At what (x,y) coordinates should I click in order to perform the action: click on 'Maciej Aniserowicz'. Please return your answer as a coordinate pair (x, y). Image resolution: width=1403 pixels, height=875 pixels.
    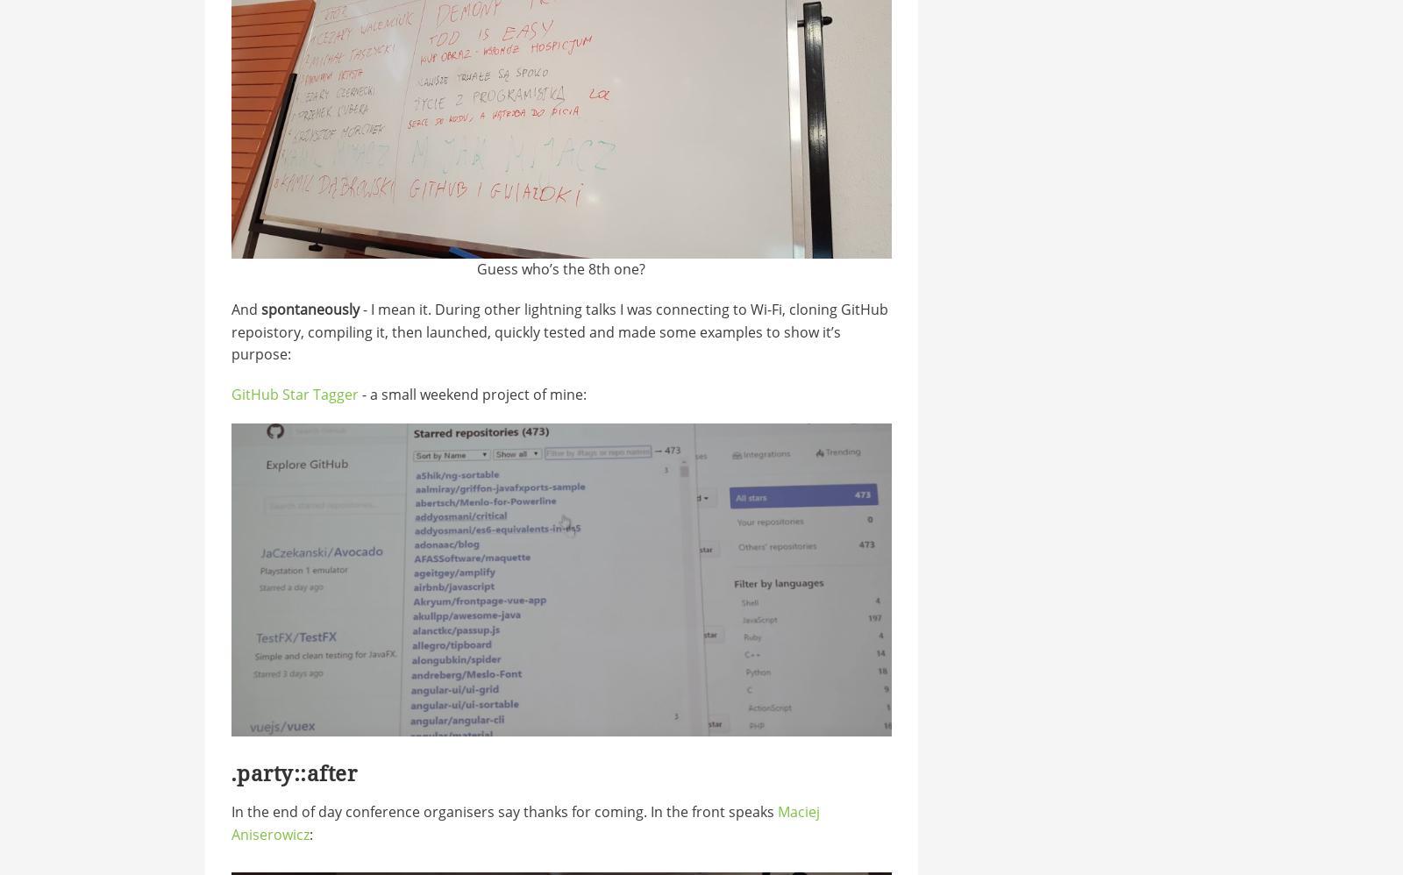
    Looking at the image, I should click on (523, 822).